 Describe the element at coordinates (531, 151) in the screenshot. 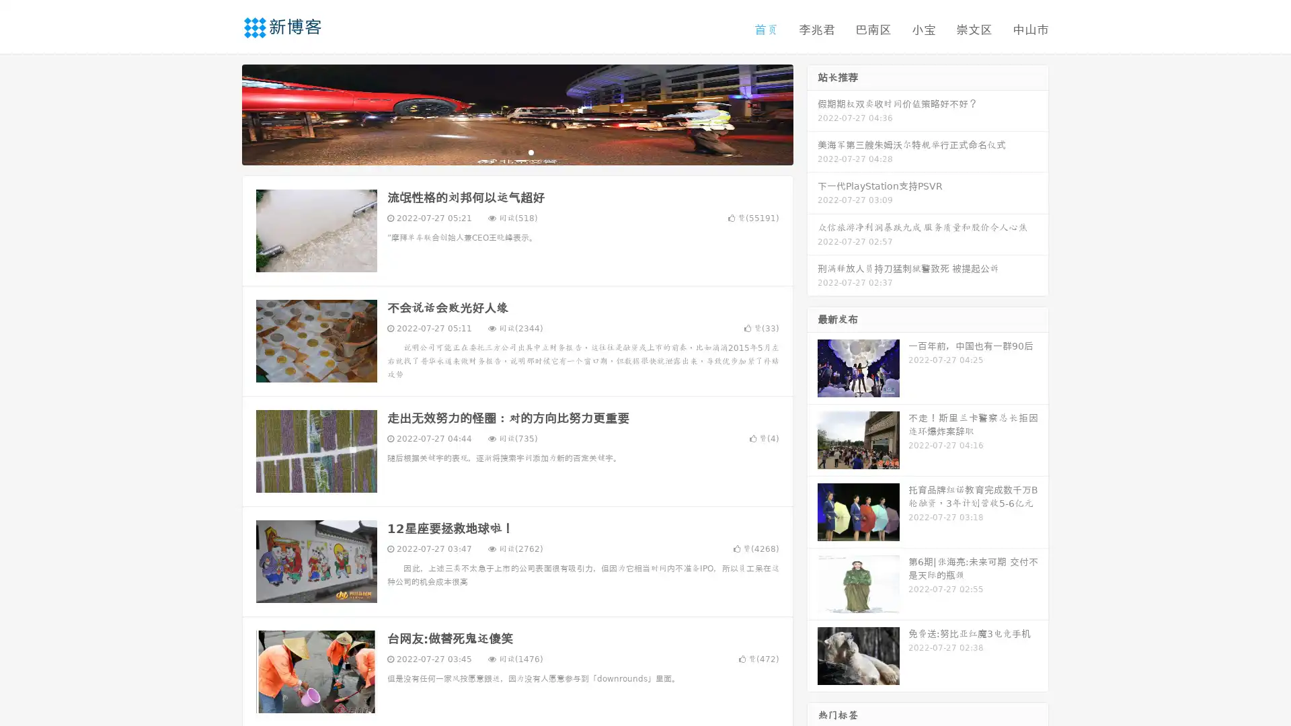

I see `Go to slide 3` at that location.